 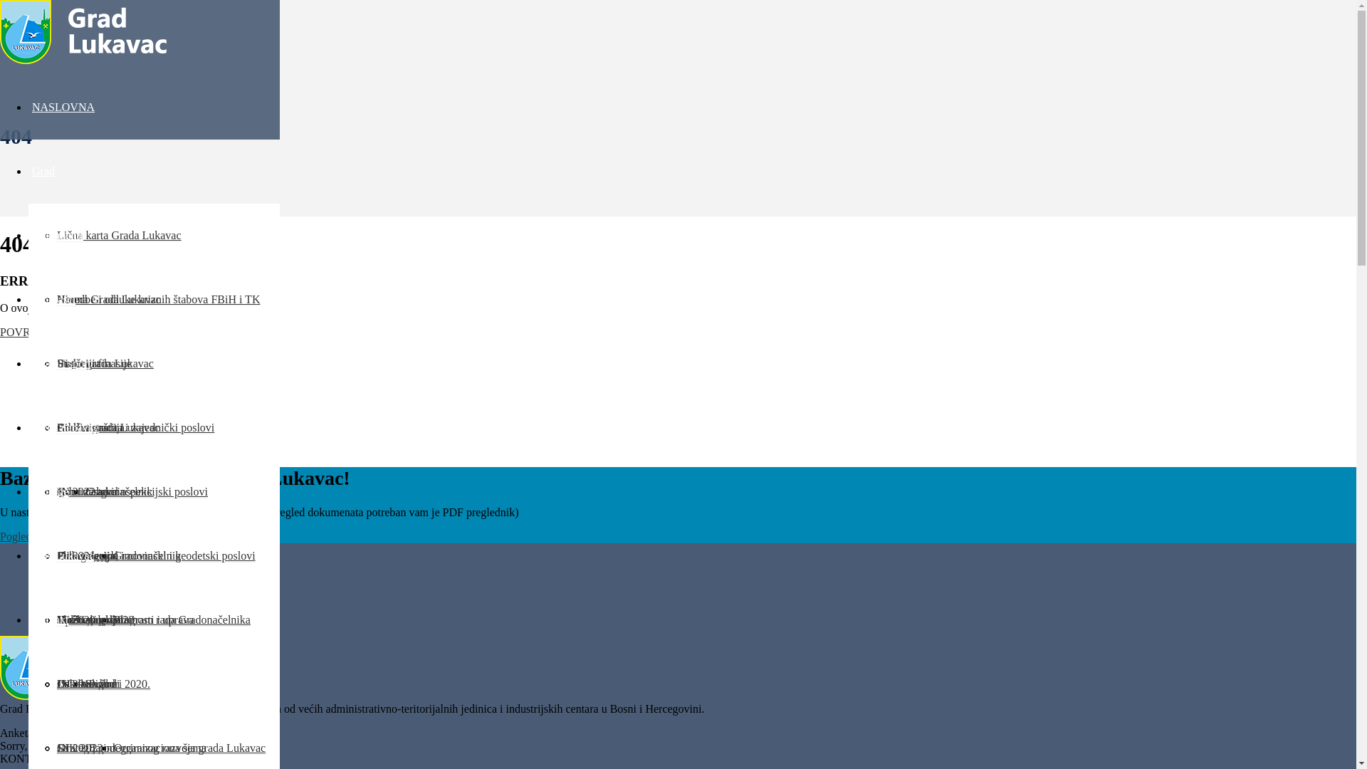 I want to click on 'Grad', so click(x=43, y=170).